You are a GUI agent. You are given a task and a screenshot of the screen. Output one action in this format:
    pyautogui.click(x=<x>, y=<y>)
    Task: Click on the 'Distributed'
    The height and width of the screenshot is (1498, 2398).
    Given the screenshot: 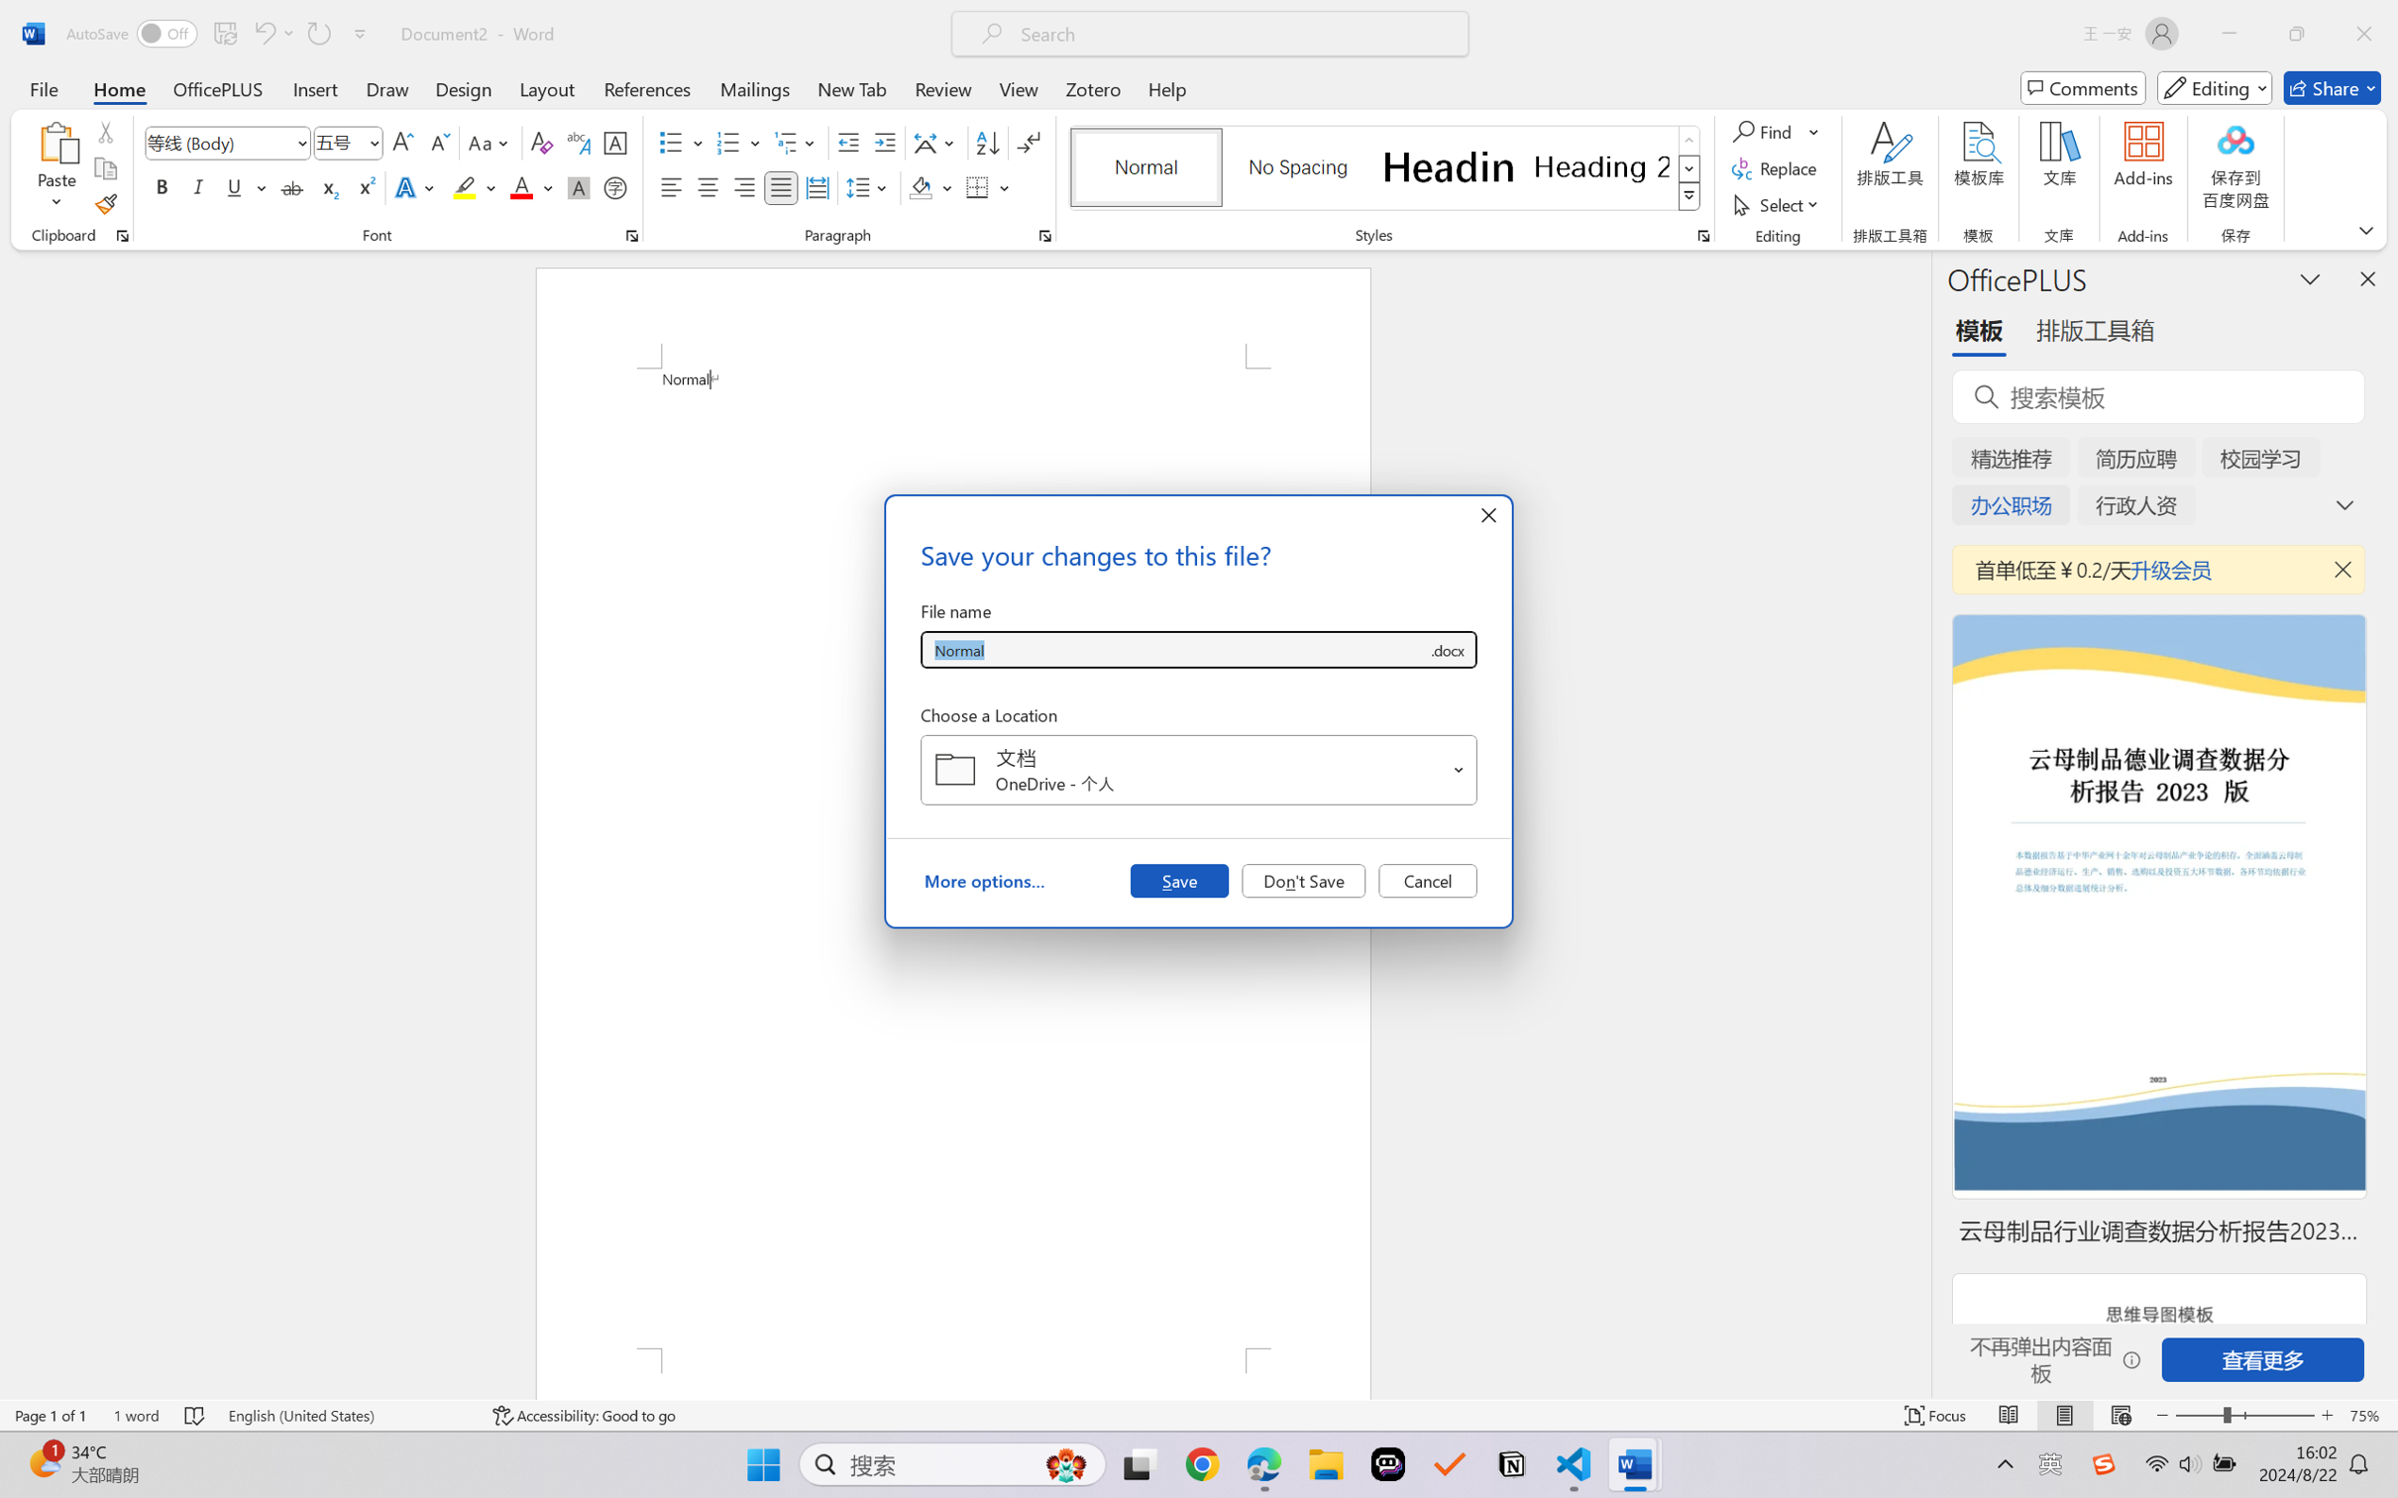 What is the action you would take?
    pyautogui.click(x=816, y=186)
    